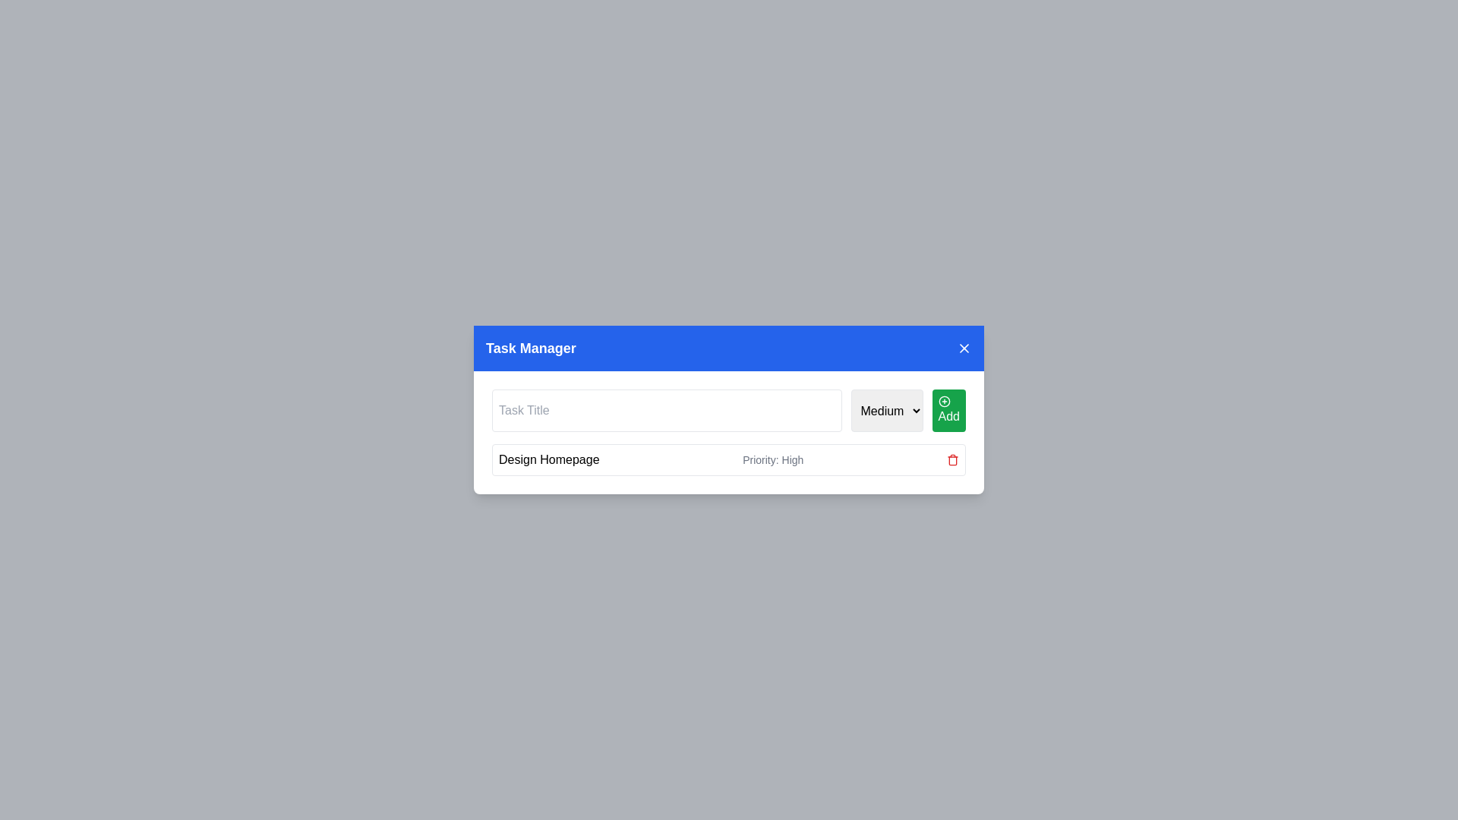 This screenshot has height=820, width=1458. What do you see at coordinates (964, 348) in the screenshot?
I see `the close button located in the top-right corner of the 'Task Manager' interface` at bounding box center [964, 348].